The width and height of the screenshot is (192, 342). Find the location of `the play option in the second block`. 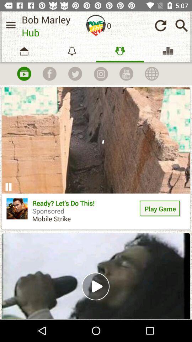

the play option in the second block is located at coordinates (96, 286).